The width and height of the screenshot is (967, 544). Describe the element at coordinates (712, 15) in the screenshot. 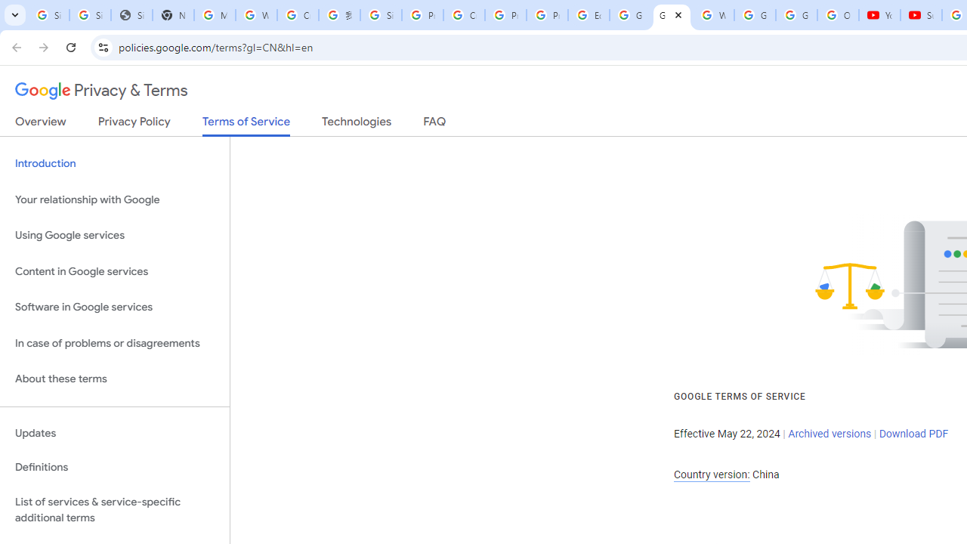

I see `'Welcome to My Activity'` at that location.